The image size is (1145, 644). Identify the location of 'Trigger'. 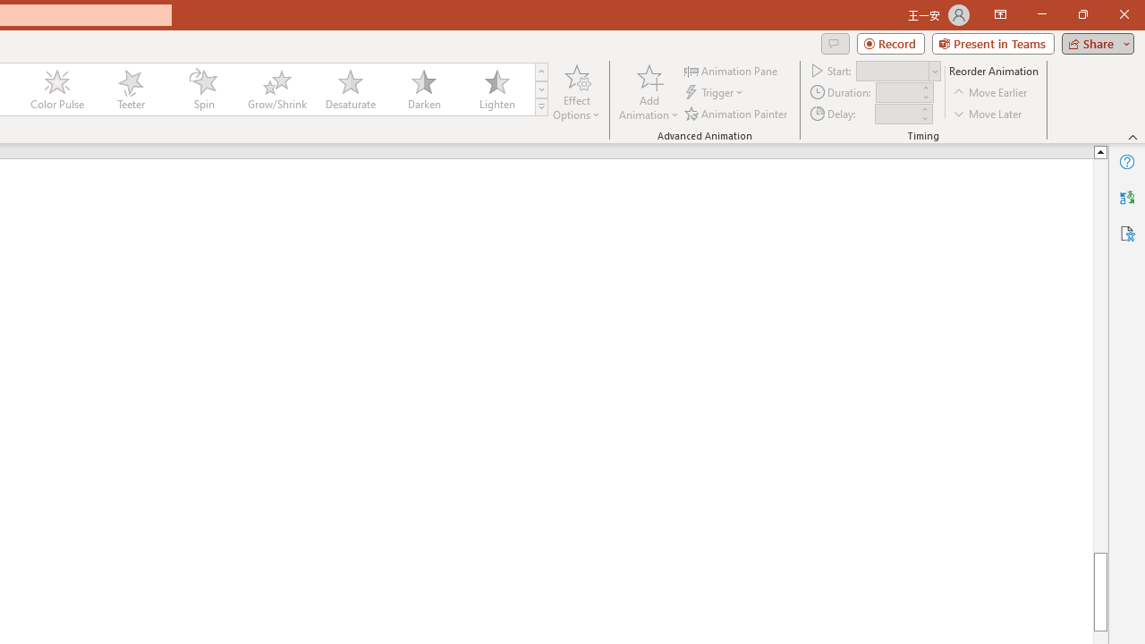
(716, 92).